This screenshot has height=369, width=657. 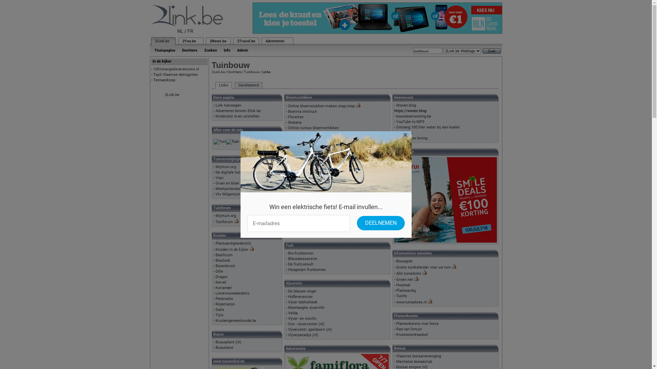 What do you see at coordinates (412, 334) in the screenshot?
I see `'Kruiswoordraadsel'` at bounding box center [412, 334].